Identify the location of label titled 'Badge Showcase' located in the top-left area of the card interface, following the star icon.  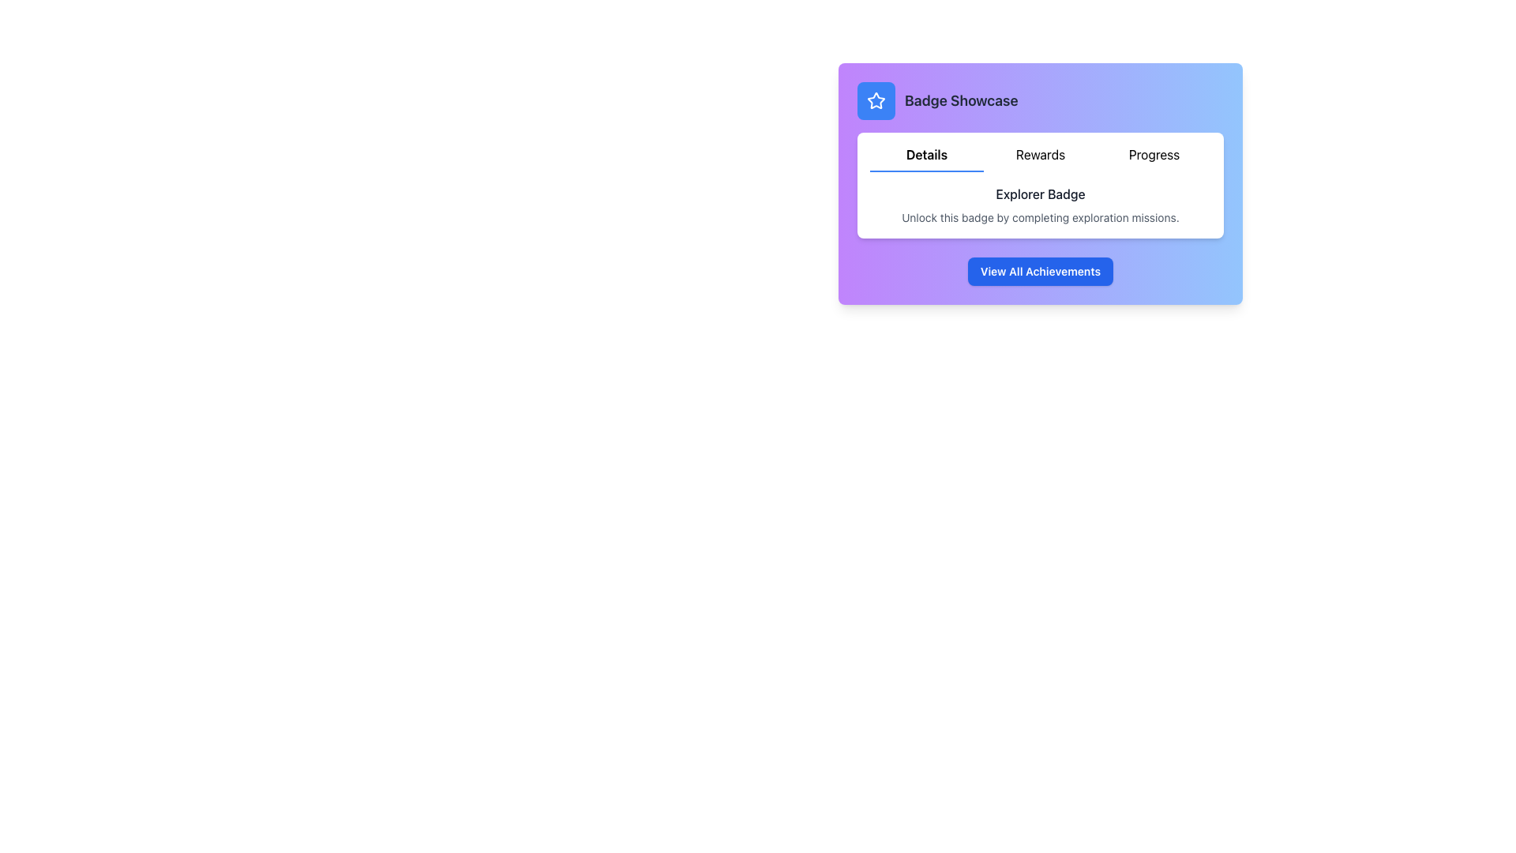
(937, 100).